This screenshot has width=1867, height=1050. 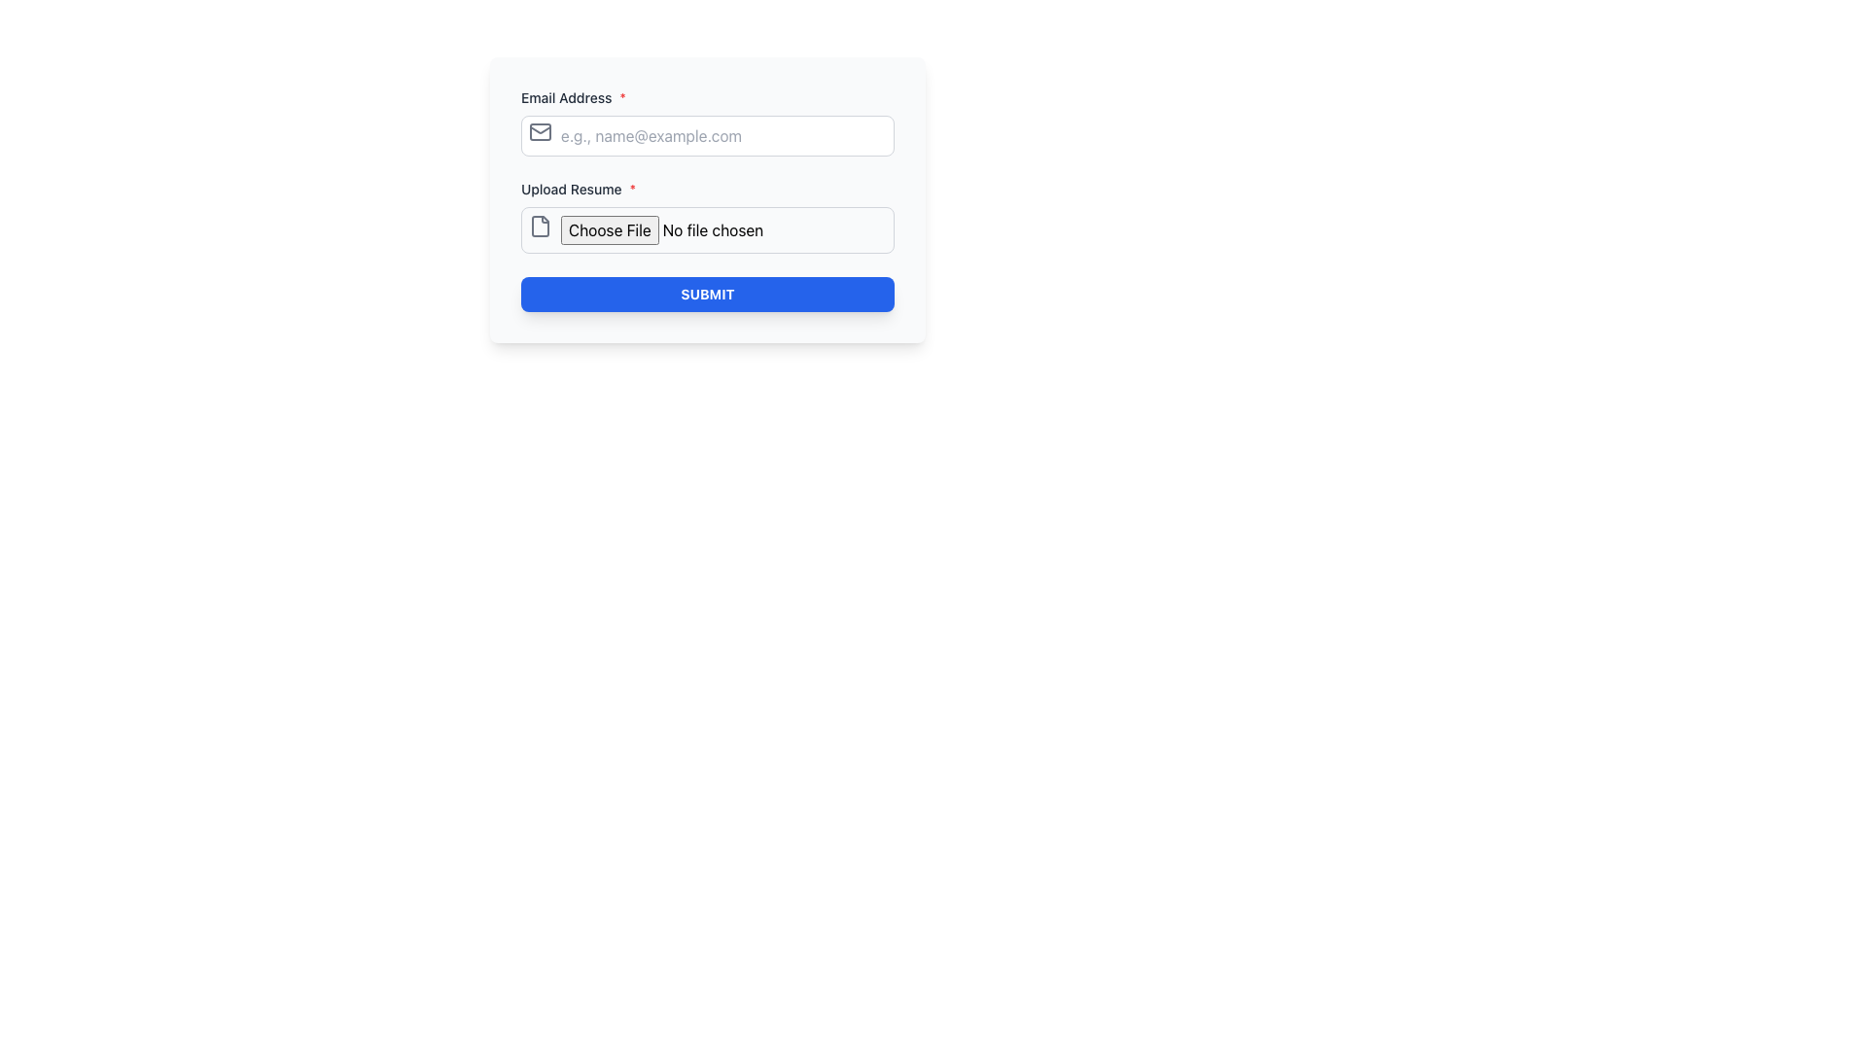 What do you see at coordinates (541, 128) in the screenshot?
I see `the envelope icon, which is part of an email-related visual representation located to the left of the 'Email Address' input field` at bounding box center [541, 128].